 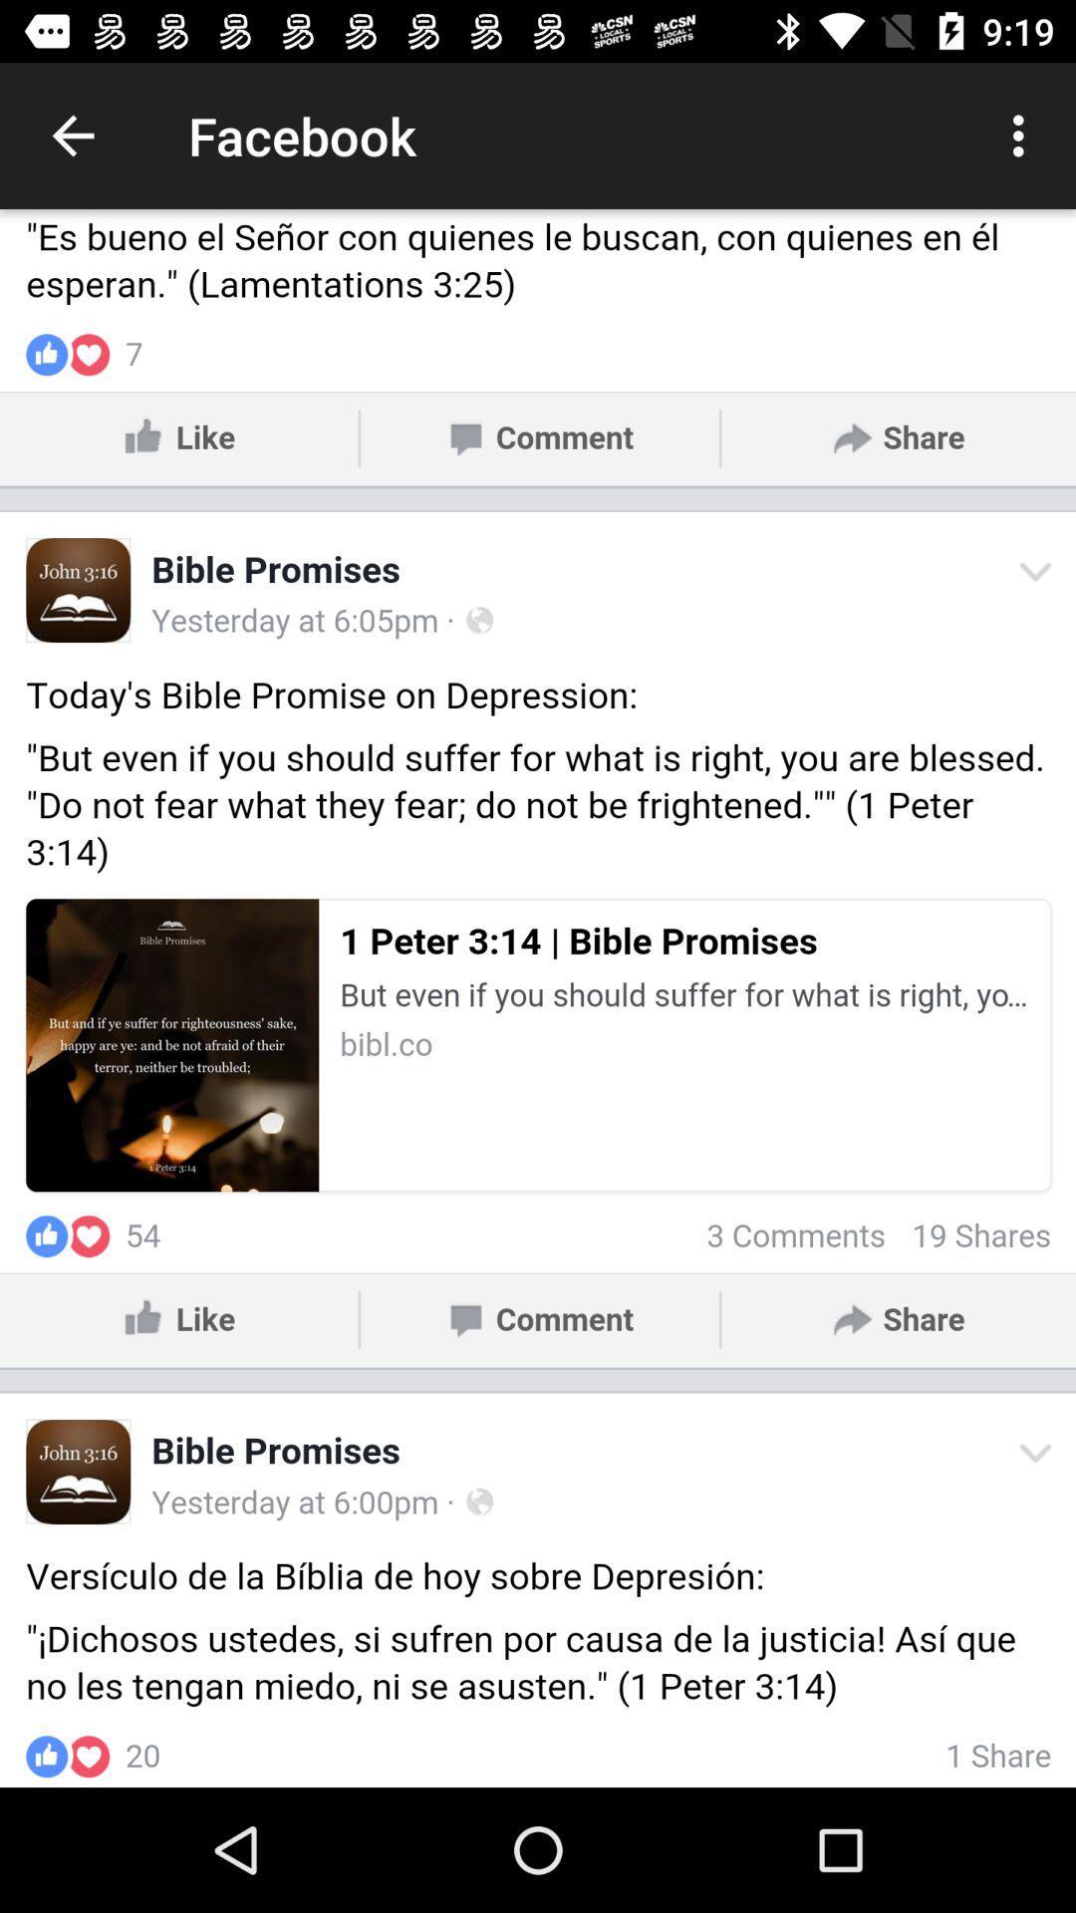 I want to click on facebook, so click(x=538, y=998).